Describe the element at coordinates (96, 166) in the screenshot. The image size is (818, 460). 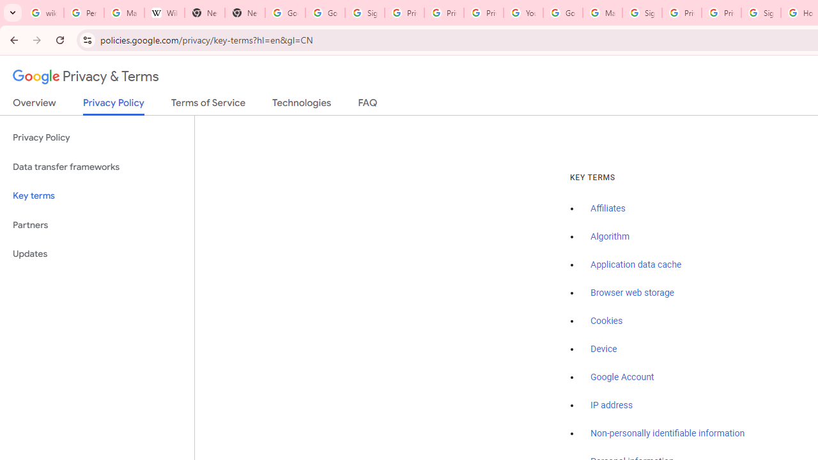
I see `'Data transfer frameworks'` at that location.